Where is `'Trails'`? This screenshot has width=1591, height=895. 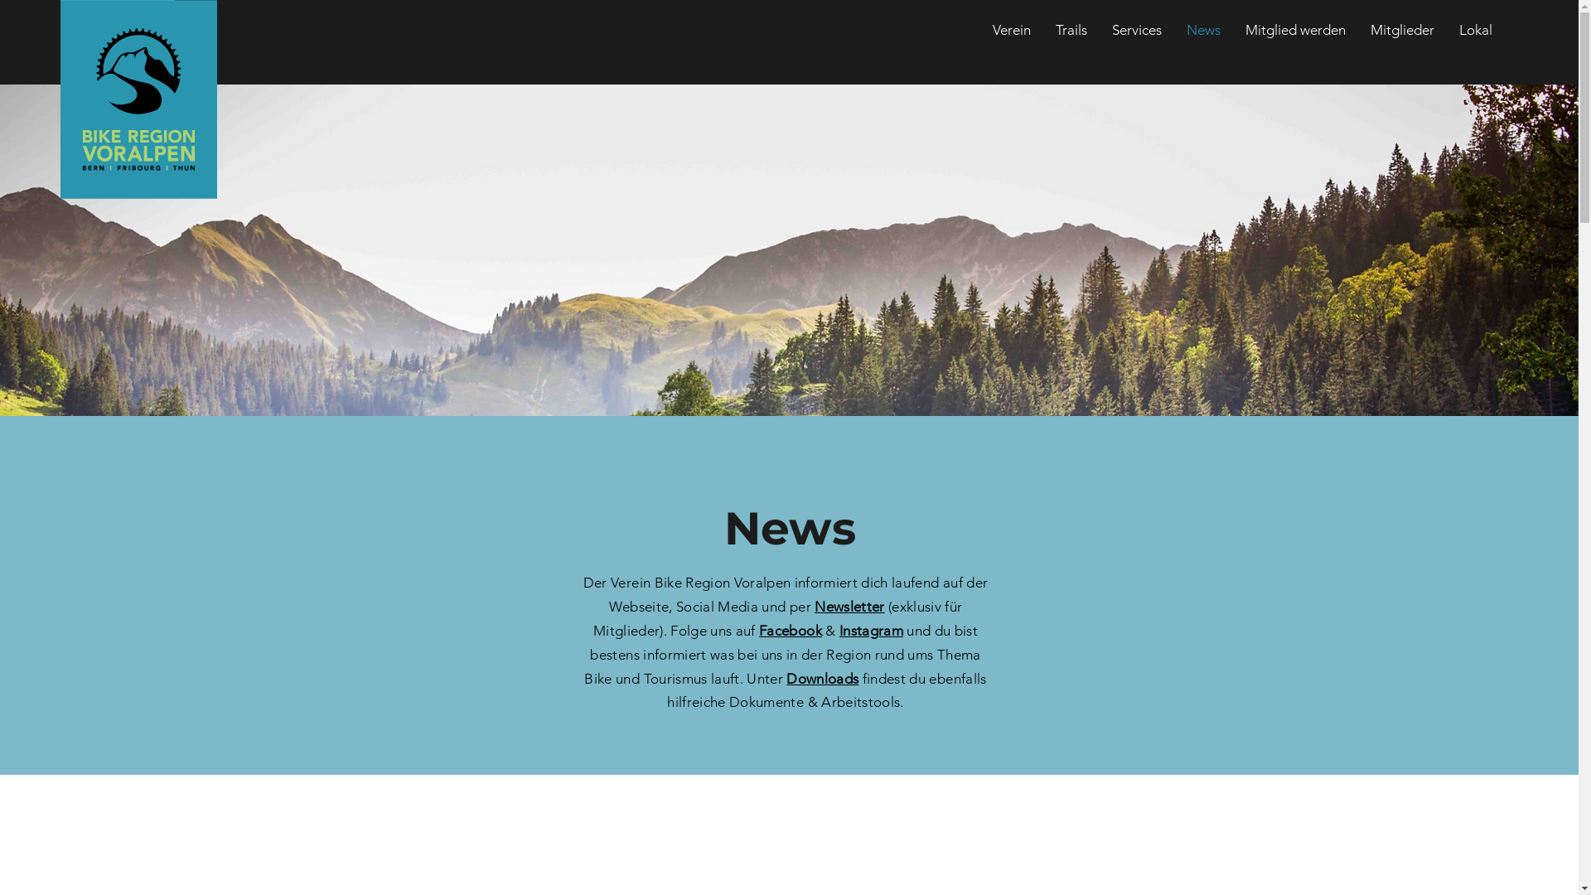 'Trails' is located at coordinates (1071, 41).